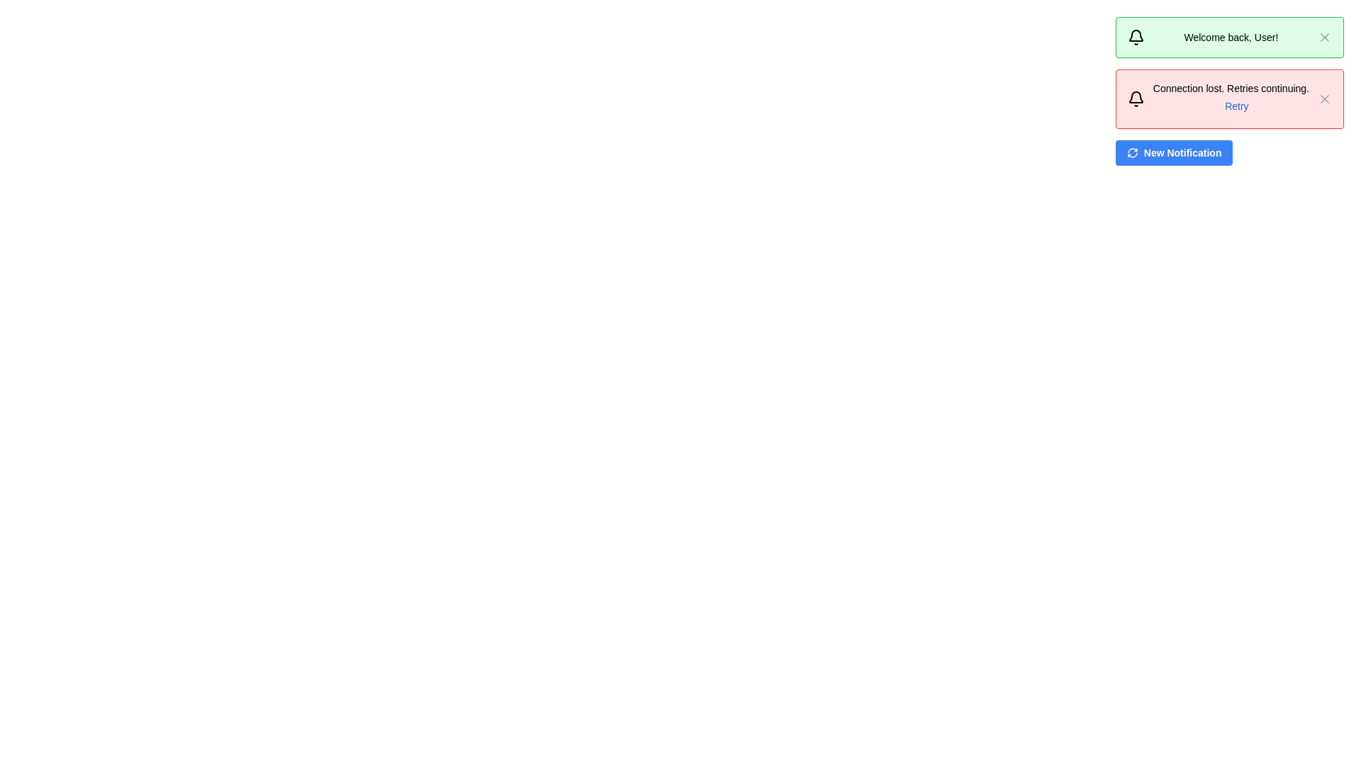 The height and width of the screenshot is (765, 1361). I want to click on the bell icon located at the top-left corner of the green-bordered box containing the text 'Welcome back, User!', so click(1136, 37).